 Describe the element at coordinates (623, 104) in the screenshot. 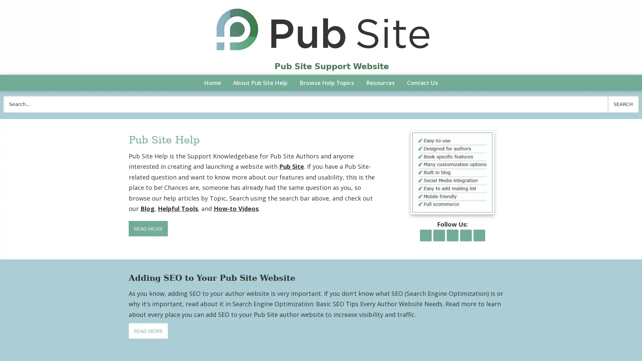

I see `Search` at that location.